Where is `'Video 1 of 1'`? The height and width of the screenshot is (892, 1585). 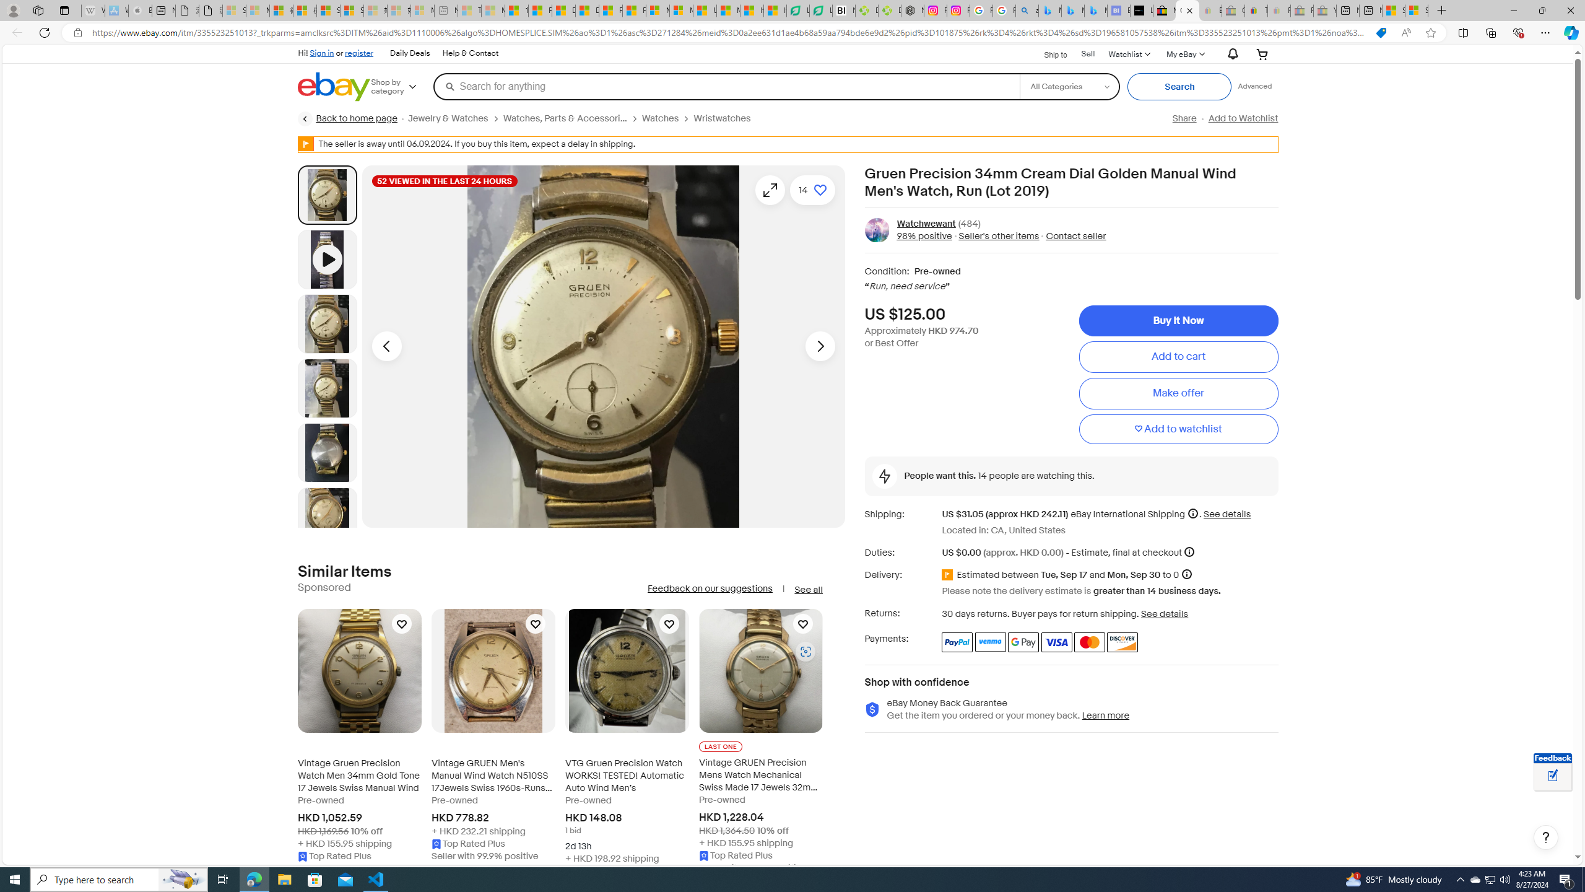
'Video 1 of 1' is located at coordinates (326, 259).